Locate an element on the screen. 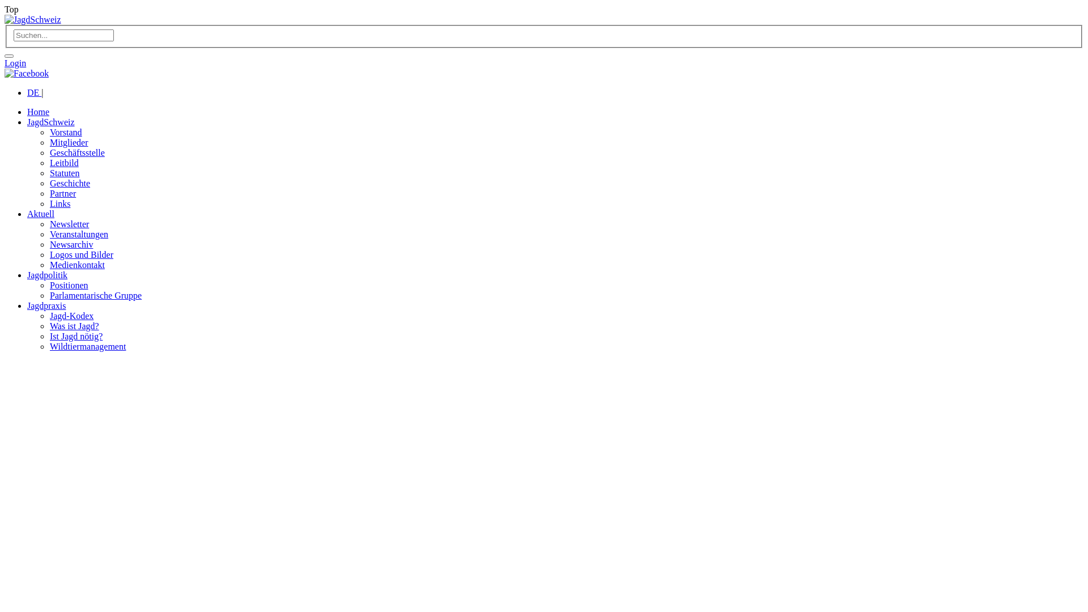  'Wildtiermanagement' is located at coordinates (87, 346).